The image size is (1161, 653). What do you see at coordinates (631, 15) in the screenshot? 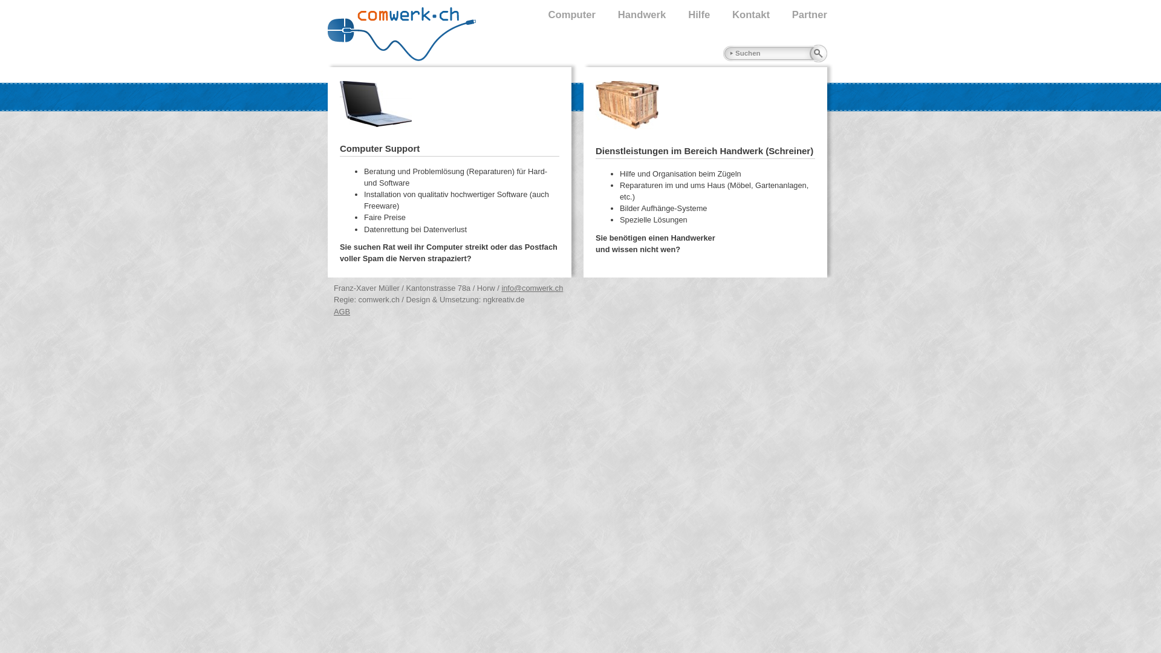
I see `'Handwerk'` at bounding box center [631, 15].